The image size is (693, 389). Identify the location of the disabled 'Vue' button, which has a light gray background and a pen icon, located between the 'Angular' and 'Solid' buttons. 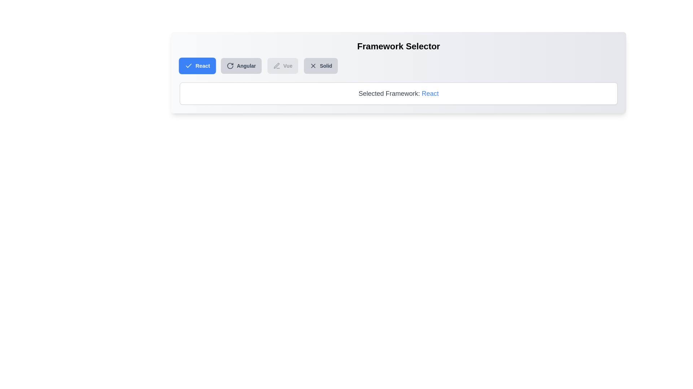
(282, 66).